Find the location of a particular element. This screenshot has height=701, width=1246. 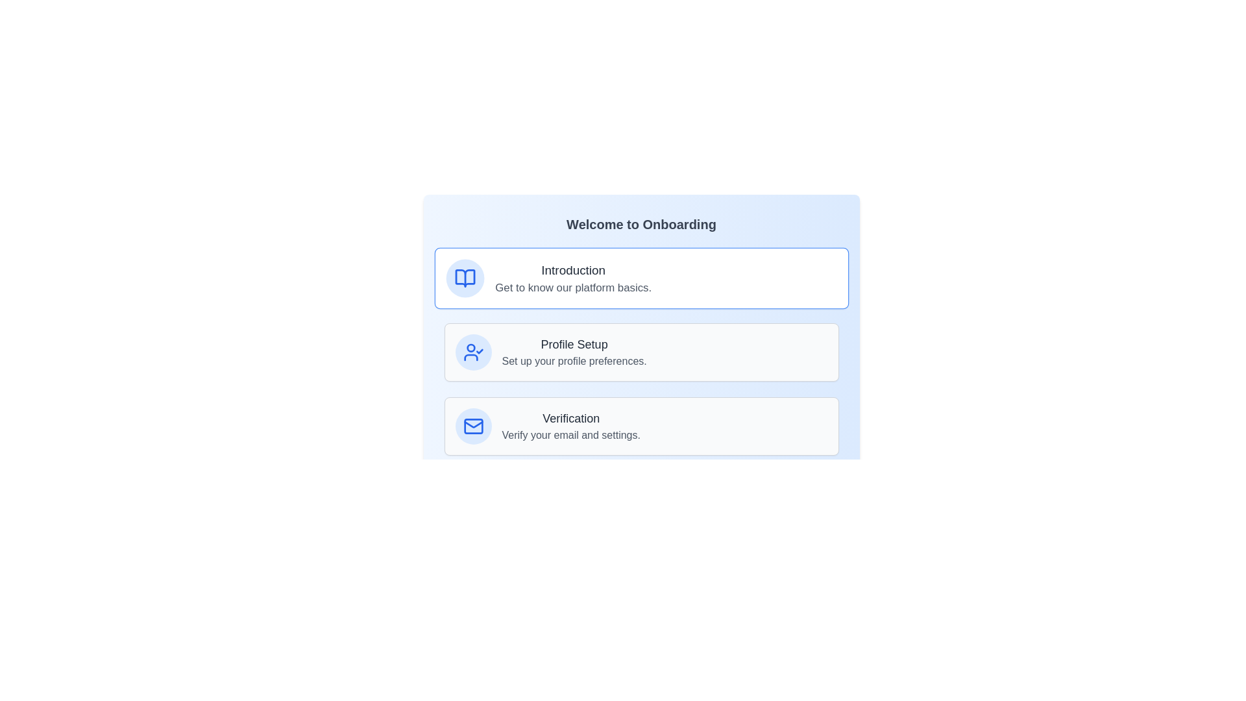

the second Informational Card that has a light gray background, a person icon with a checkmark in a blue circle, and the text 'Profile Setup' in bold with a subtitle below is located at coordinates (641, 352).